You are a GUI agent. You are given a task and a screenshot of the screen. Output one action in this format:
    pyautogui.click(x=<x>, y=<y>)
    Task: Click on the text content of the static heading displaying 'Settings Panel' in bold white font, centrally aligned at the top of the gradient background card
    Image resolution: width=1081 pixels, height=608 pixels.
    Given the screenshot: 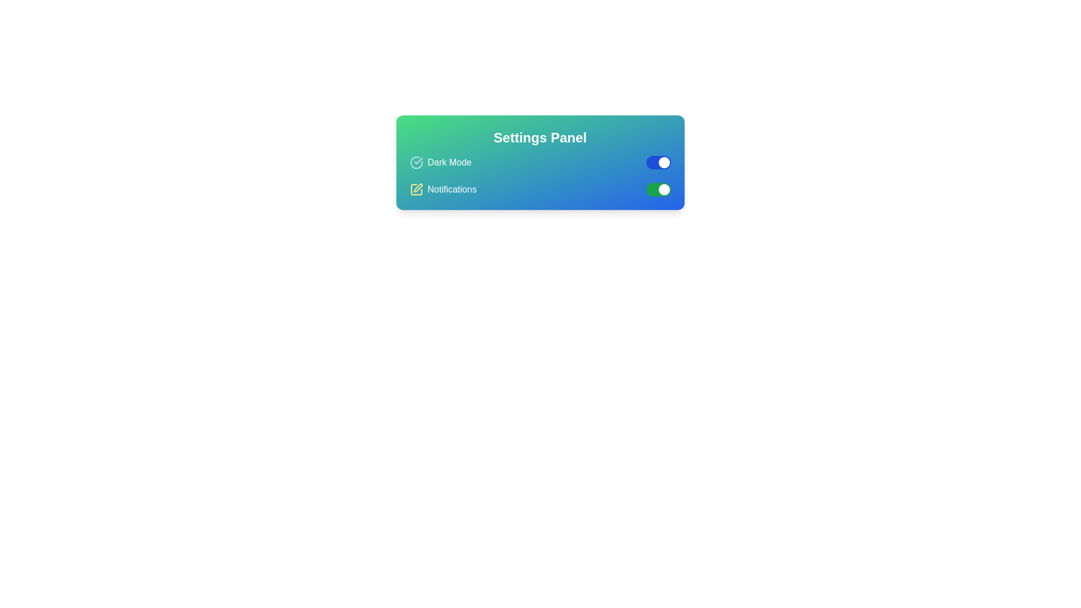 What is the action you would take?
    pyautogui.click(x=539, y=137)
    